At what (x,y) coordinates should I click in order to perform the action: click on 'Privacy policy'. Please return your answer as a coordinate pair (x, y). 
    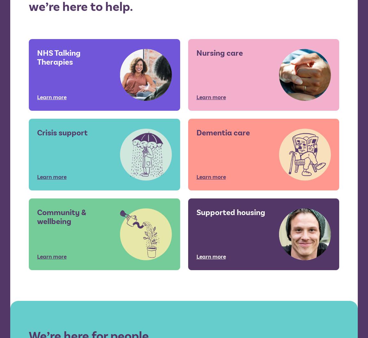
    Looking at the image, I should click on (212, 213).